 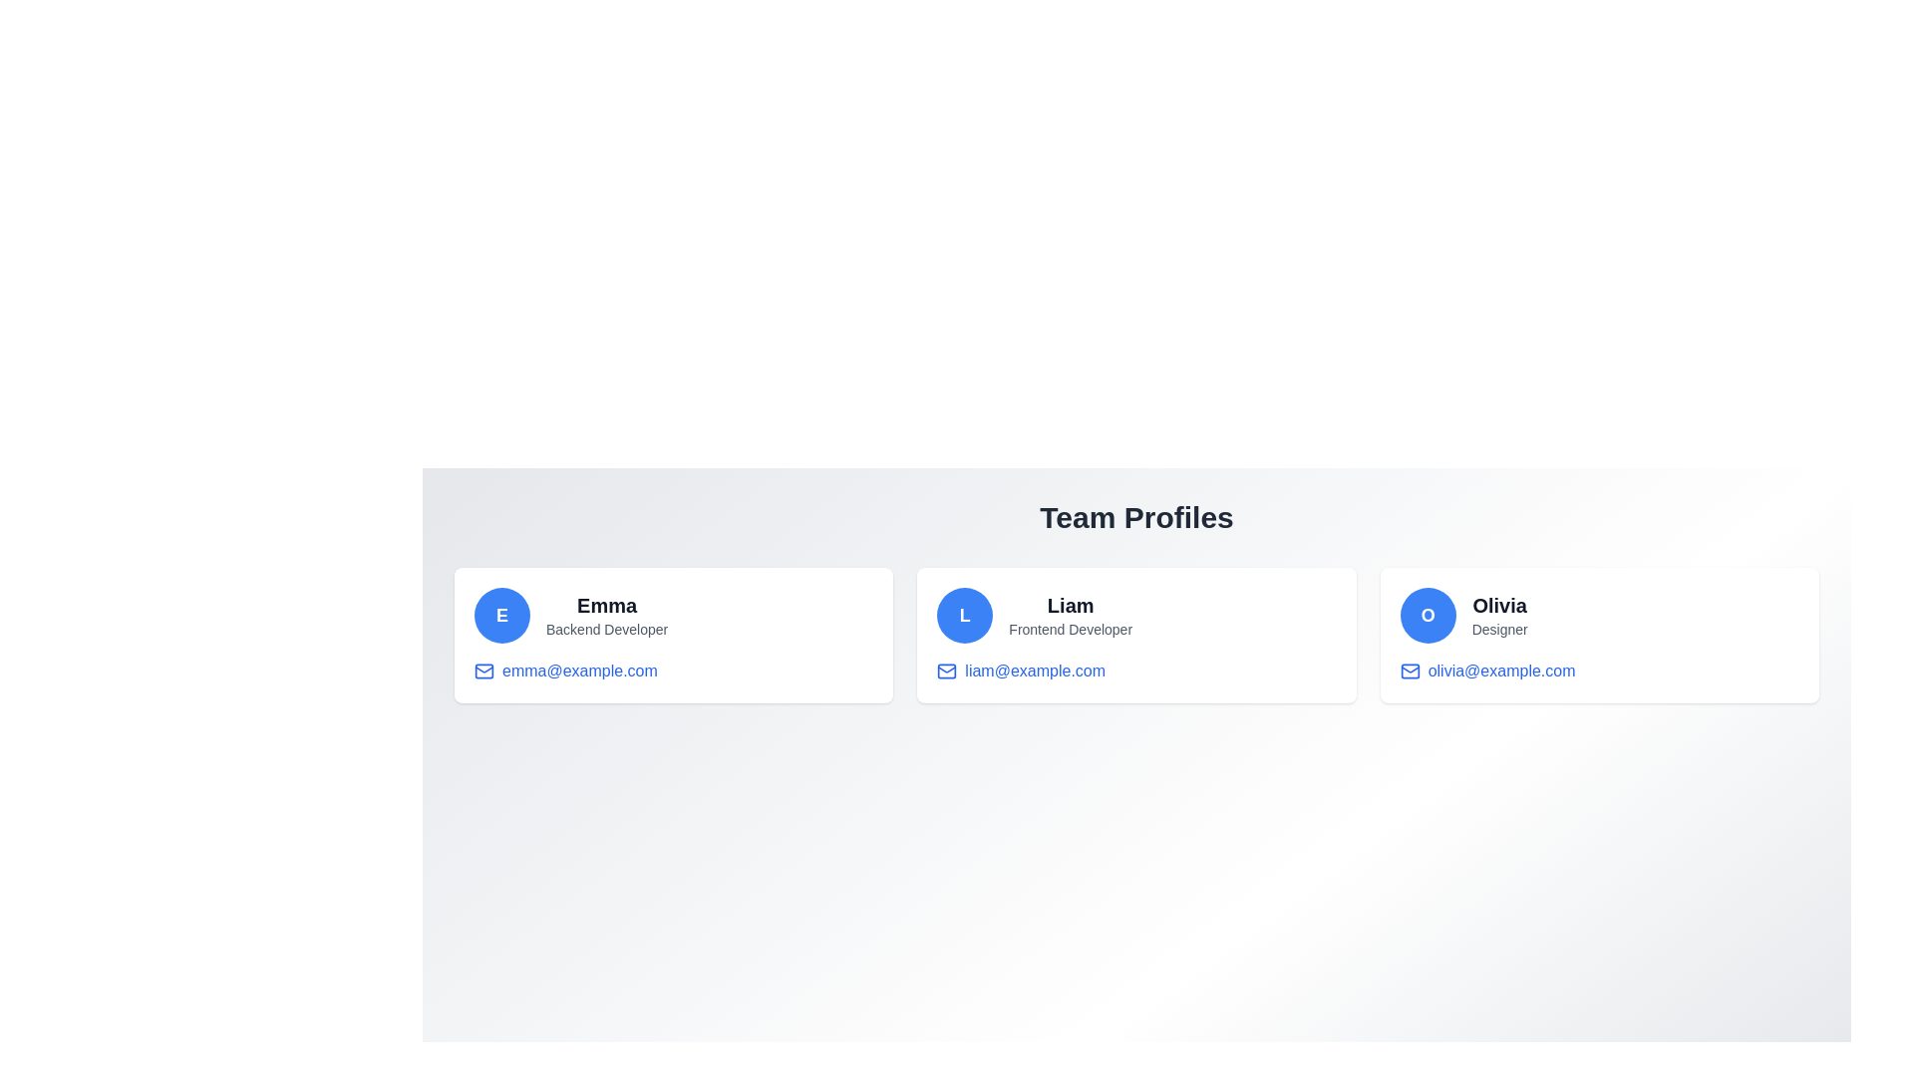 I want to click on the label that conveys Emma's role in the team, which is centrally aligned below the name 'Emma' and above the email address 'emma@example.com' in the leftmost profile card, so click(x=606, y=630).